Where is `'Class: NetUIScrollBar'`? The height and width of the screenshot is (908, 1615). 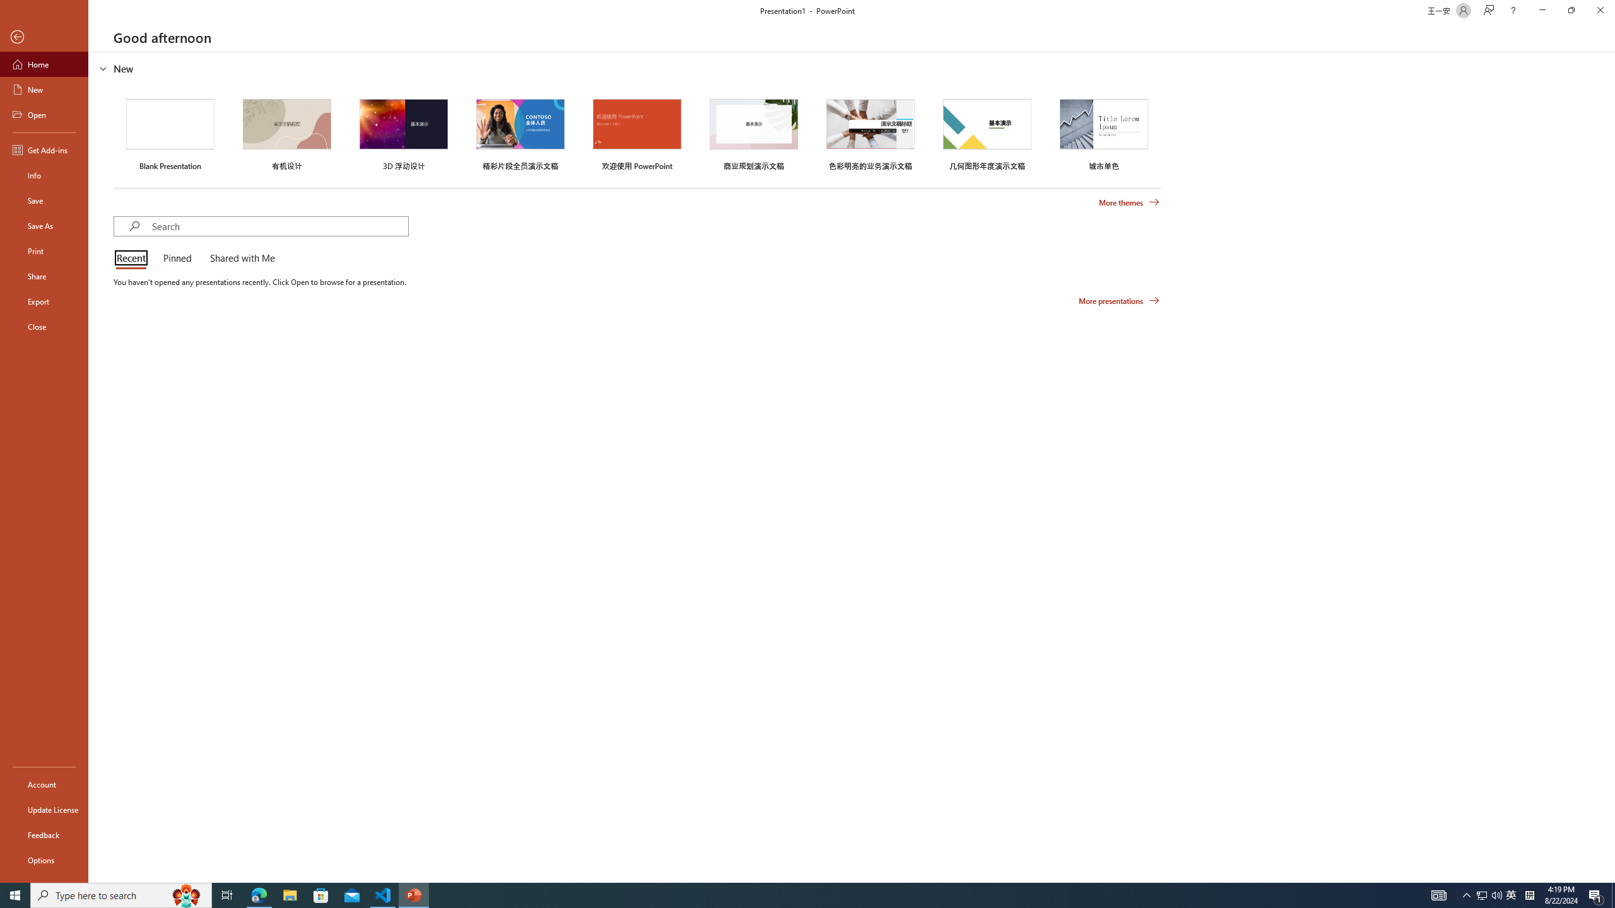 'Class: NetUIScrollBar' is located at coordinates (1609, 467).